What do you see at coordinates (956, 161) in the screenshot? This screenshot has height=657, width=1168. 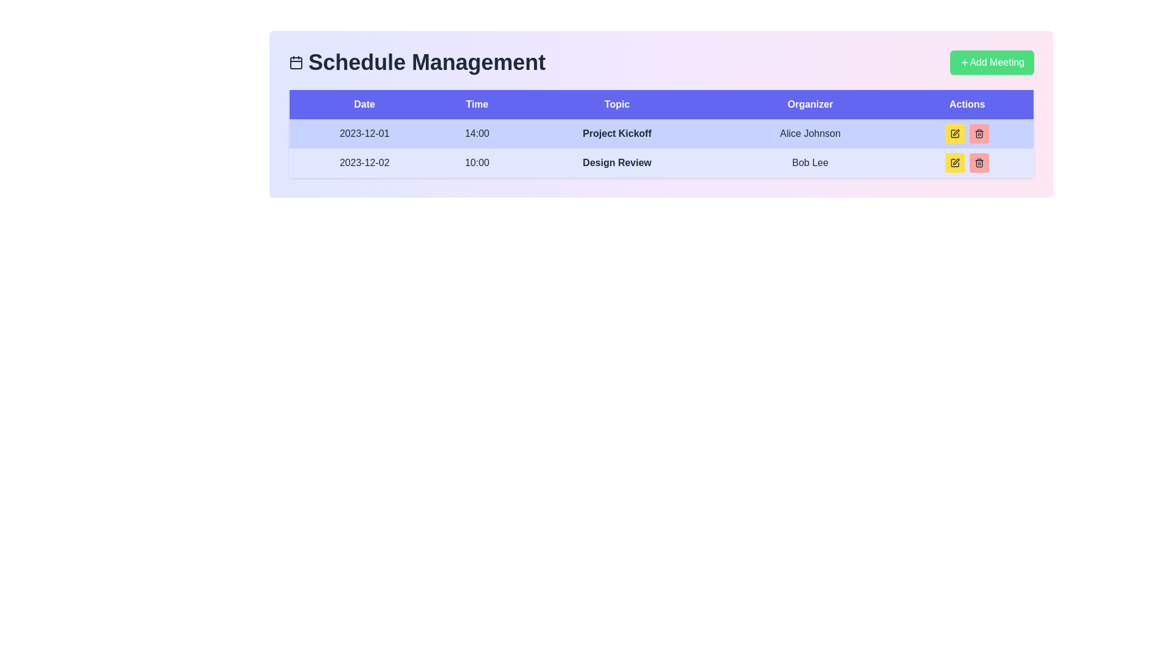 I see `the square pen icon located in the Actions column, second row of the meeting schedule` at bounding box center [956, 161].